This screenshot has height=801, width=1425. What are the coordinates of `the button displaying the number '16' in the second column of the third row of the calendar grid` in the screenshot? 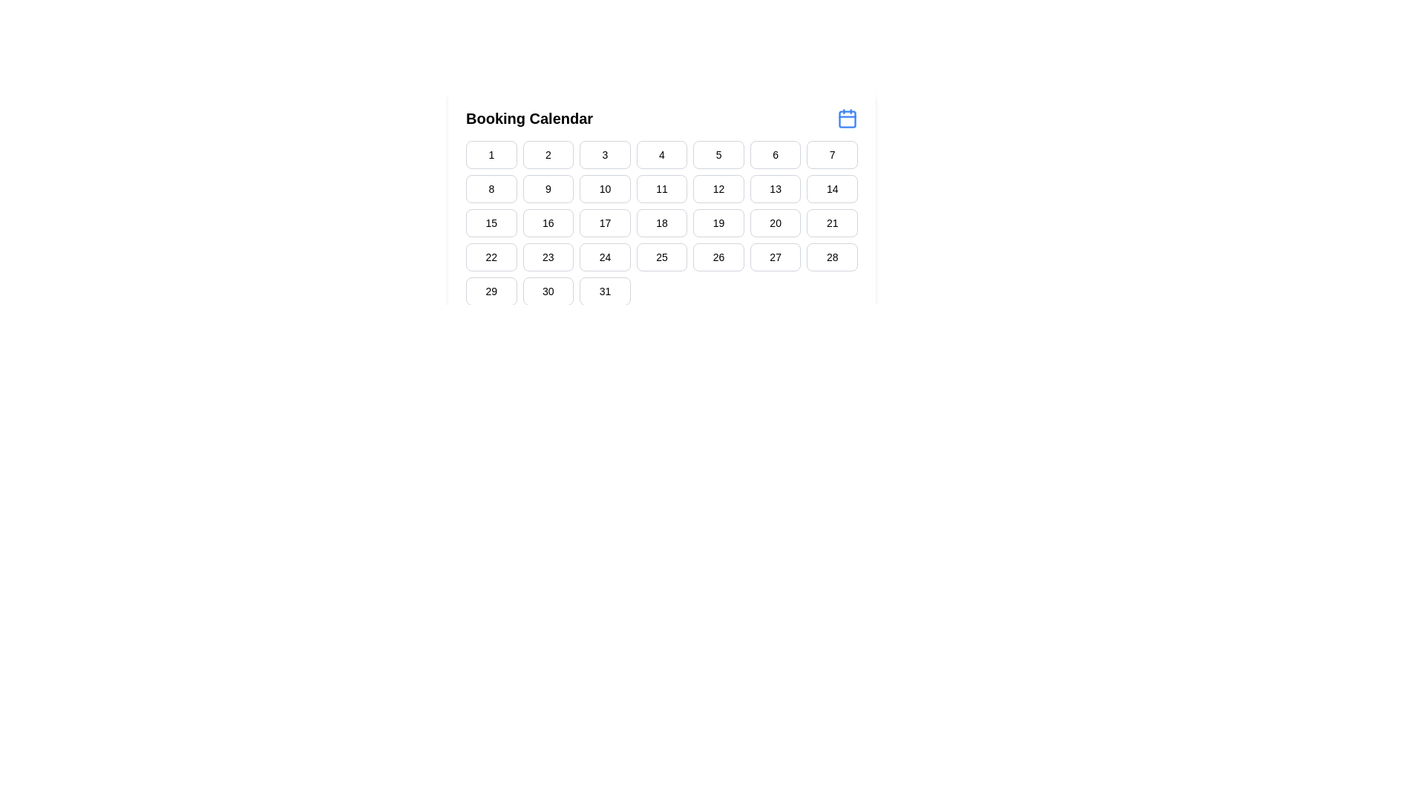 It's located at (547, 222).